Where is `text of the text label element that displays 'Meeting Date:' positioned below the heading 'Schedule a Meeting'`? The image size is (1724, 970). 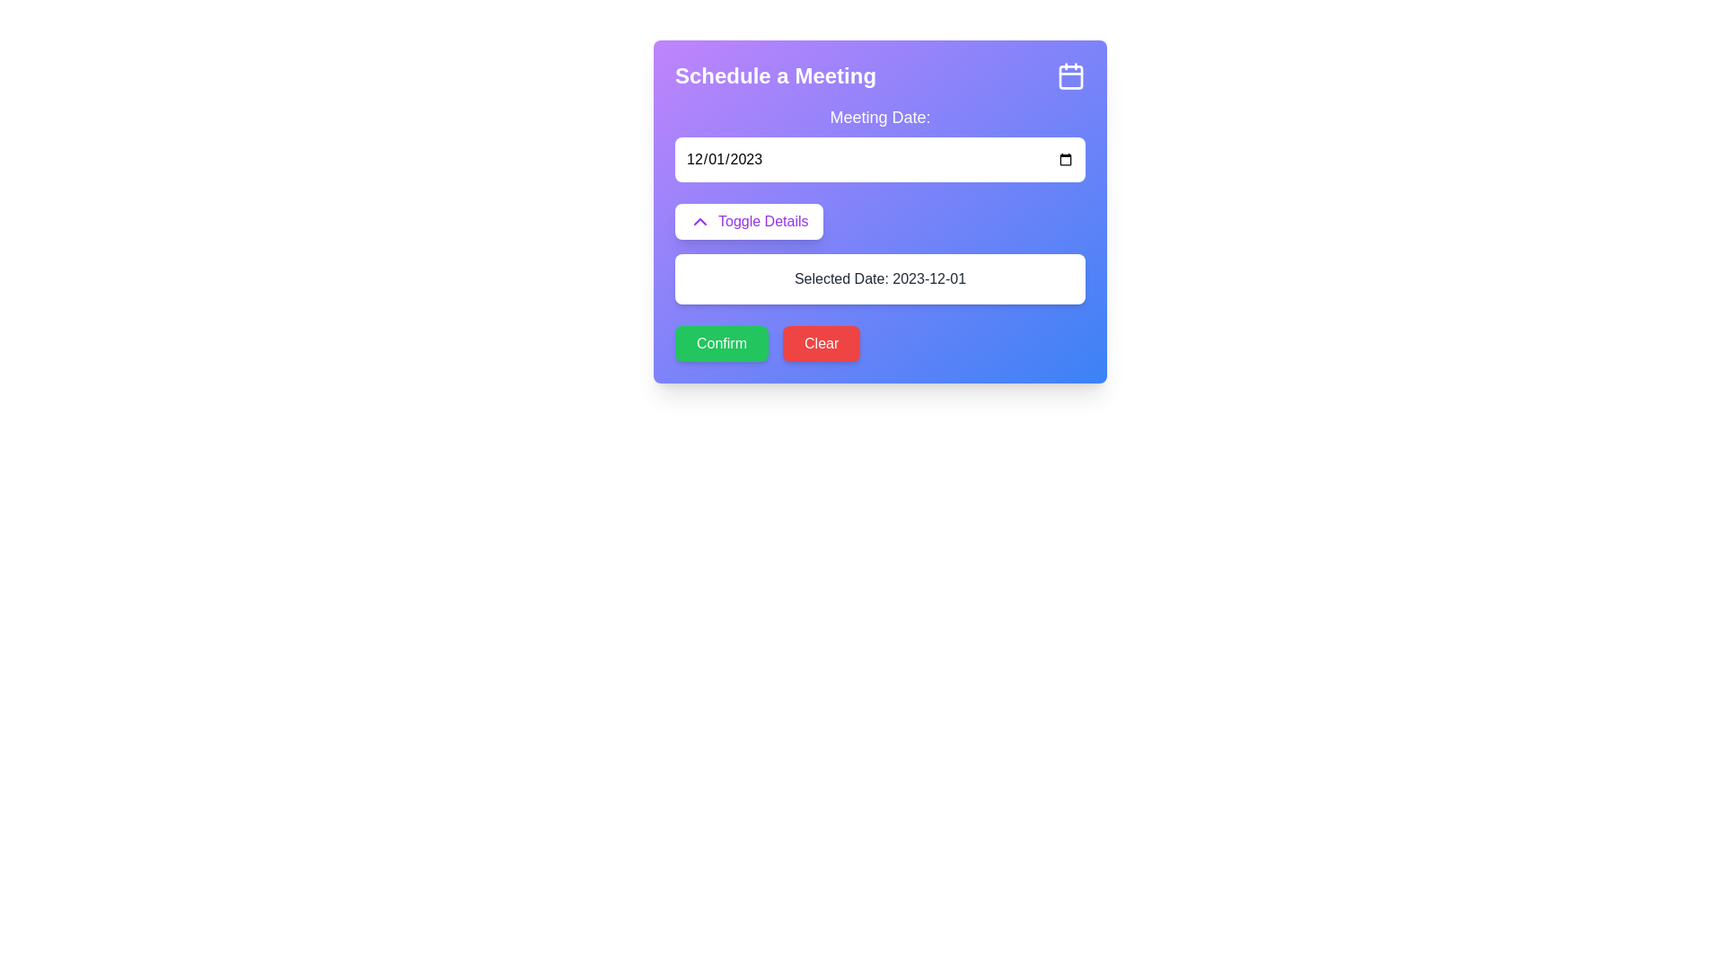
text of the text label element that displays 'Meeting Date:' positioned below the heading 'Schedule a Meeting' is located at coordinates (880, 118).